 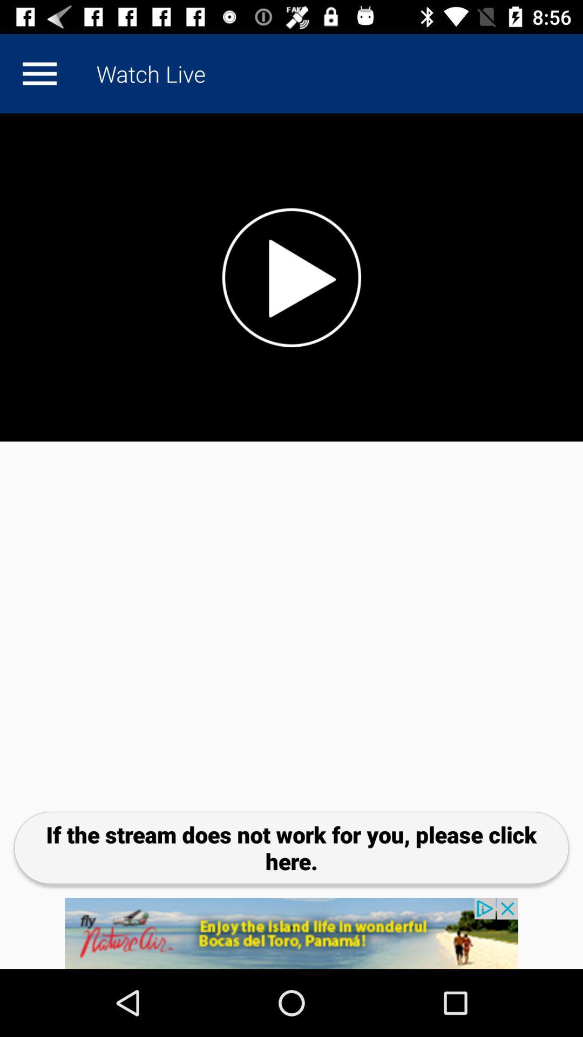 What do you see at coordinates (291, 277) in the screenshot?
I see `pause` at bounding box center [291, 277].